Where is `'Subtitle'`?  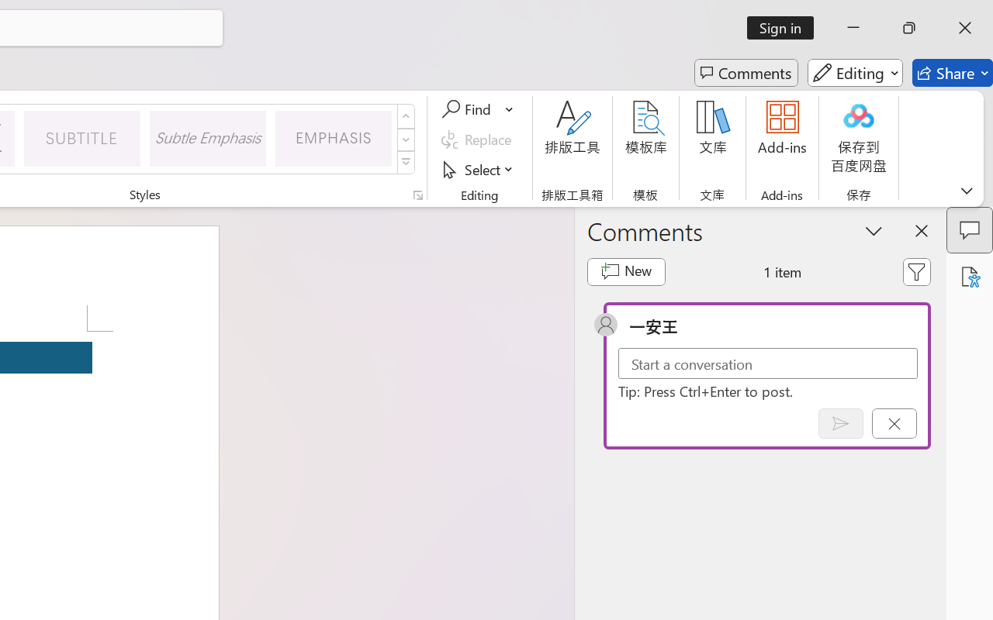 'Subtitle' is located at coordinates (81, 137).